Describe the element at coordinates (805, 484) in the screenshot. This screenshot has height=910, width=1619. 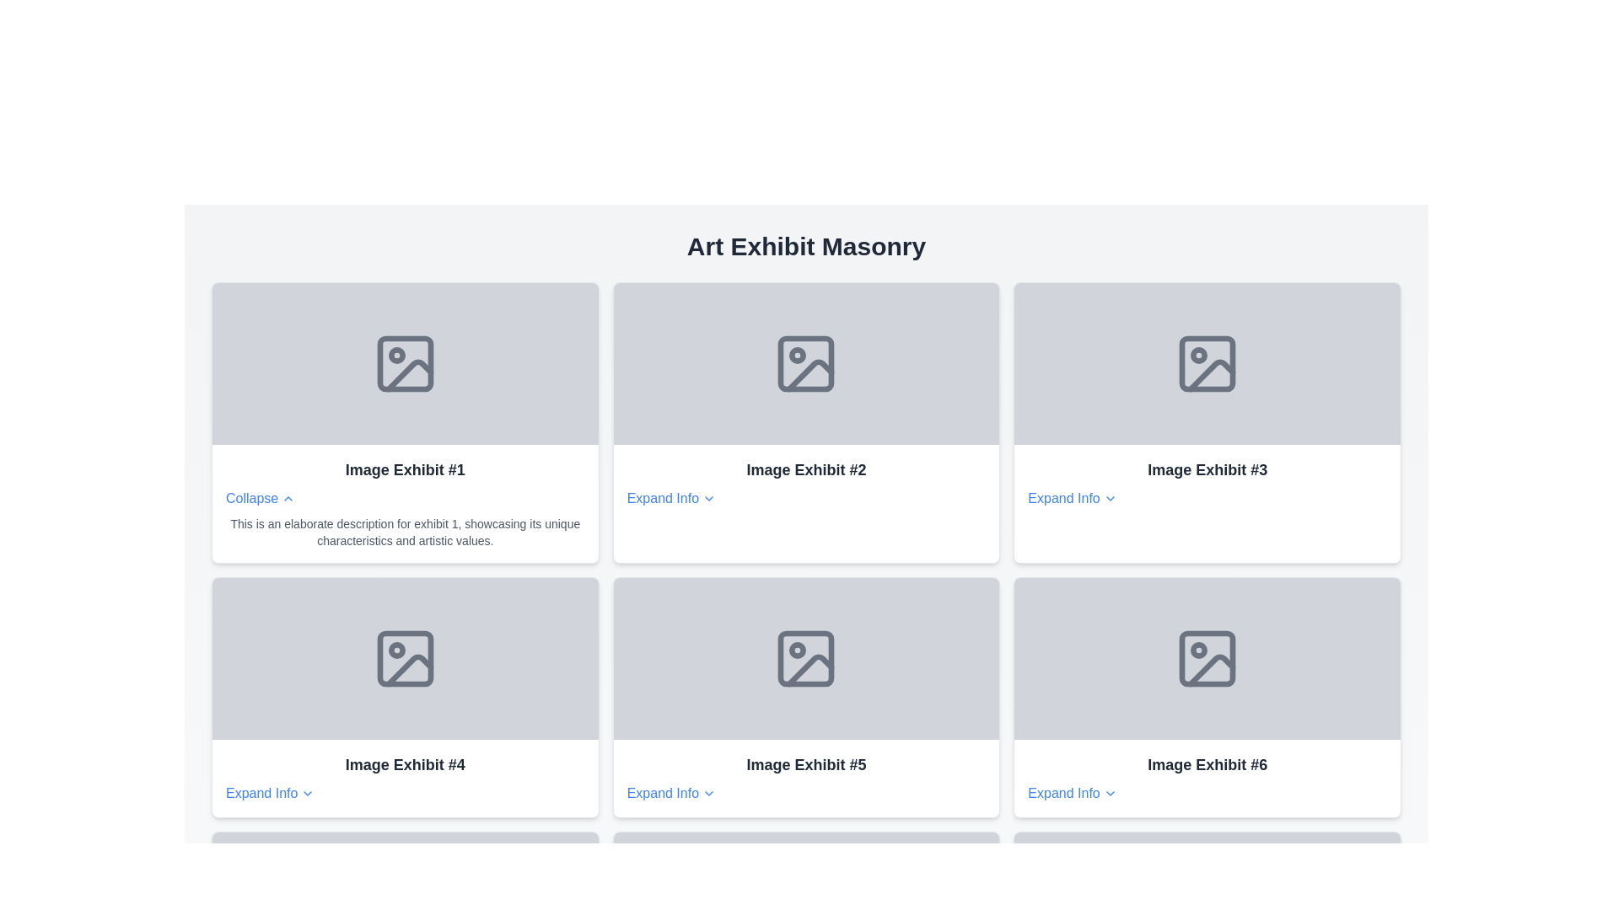
I see `the composite UI element containing the heading 'Image Exhibit #2' and the hyperlink 'Expand Info'` at that location.